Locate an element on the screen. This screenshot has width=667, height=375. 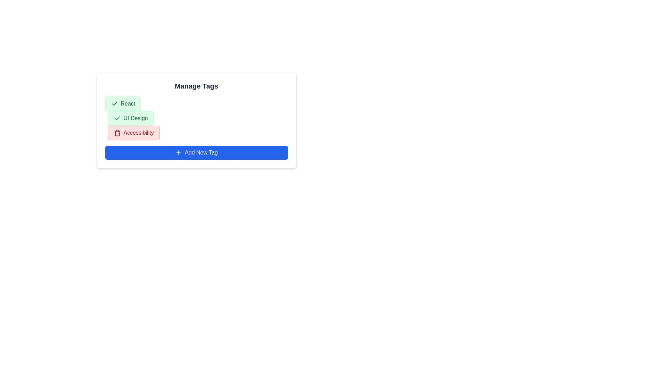
the state of the small green checkmark icon located to the left of the 'UI Design' label, which is part of a button-like UI component is located at coordinates (117, 118).